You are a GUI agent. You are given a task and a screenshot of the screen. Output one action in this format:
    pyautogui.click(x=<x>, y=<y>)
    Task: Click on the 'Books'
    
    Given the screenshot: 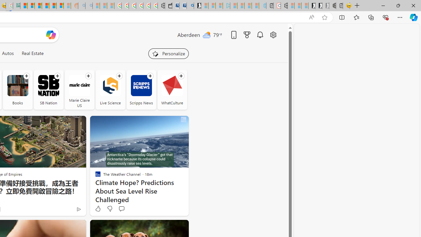 What is the action you would take?
    pyautogui.click(x=17, y=85)
    